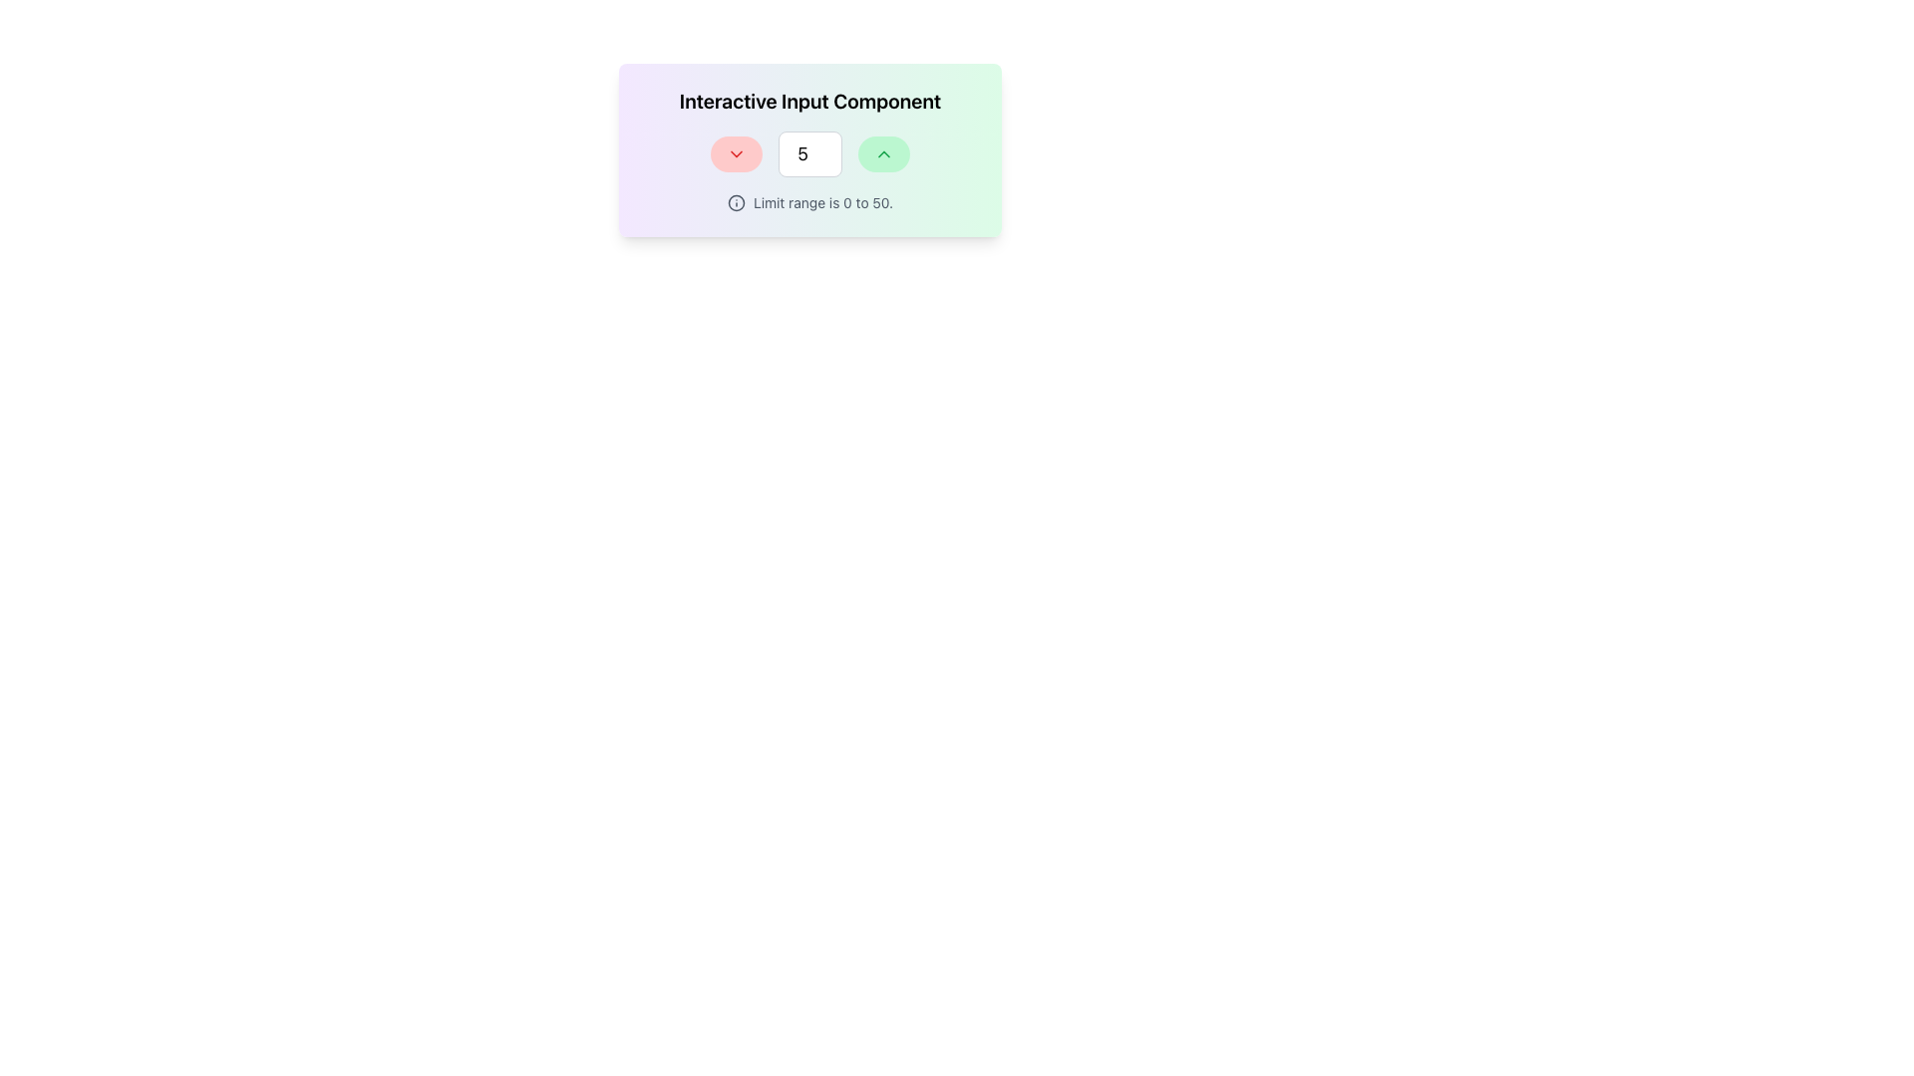  Describe the element at coordinates (736, 203) in the screenshot. I see `the circular SVG icon with a stylized letter 'i' indicating an information symbol, located at the center left of the text 'Limit range is 0 to 50.'` at that location.